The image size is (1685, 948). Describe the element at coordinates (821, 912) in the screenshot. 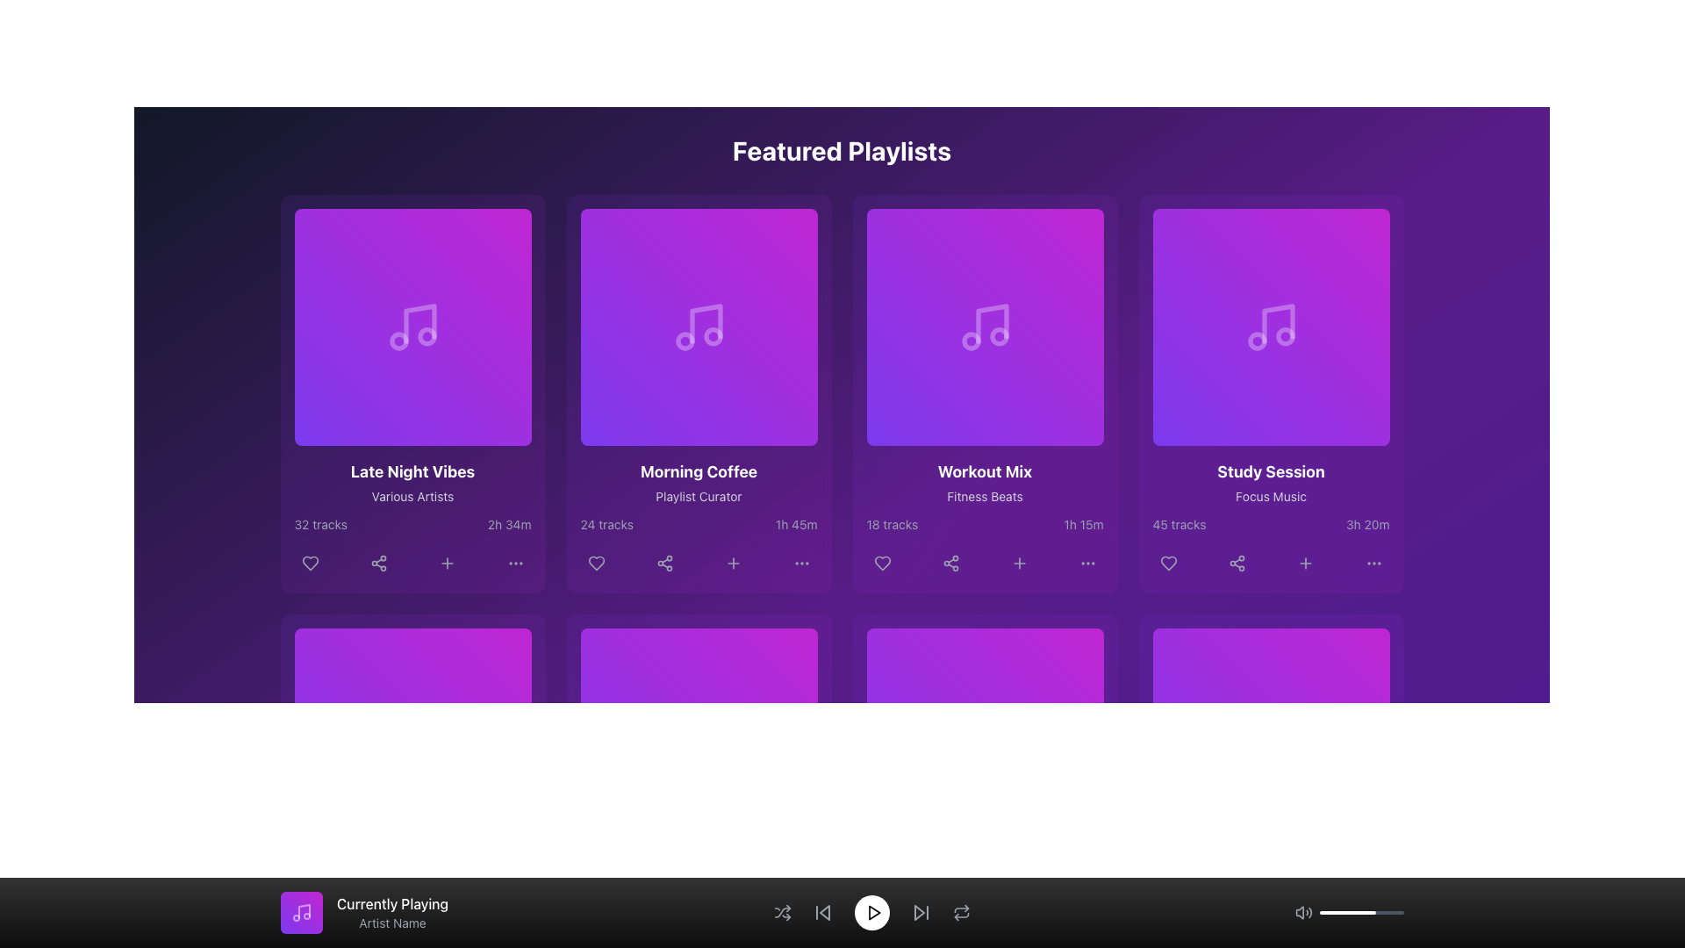

I see `the left-facing double arrow icon button with a vertical line to its left, which is styled gray and changes to white upon hovering, located in the bottom control bar near the center-left of the interface` at that location.